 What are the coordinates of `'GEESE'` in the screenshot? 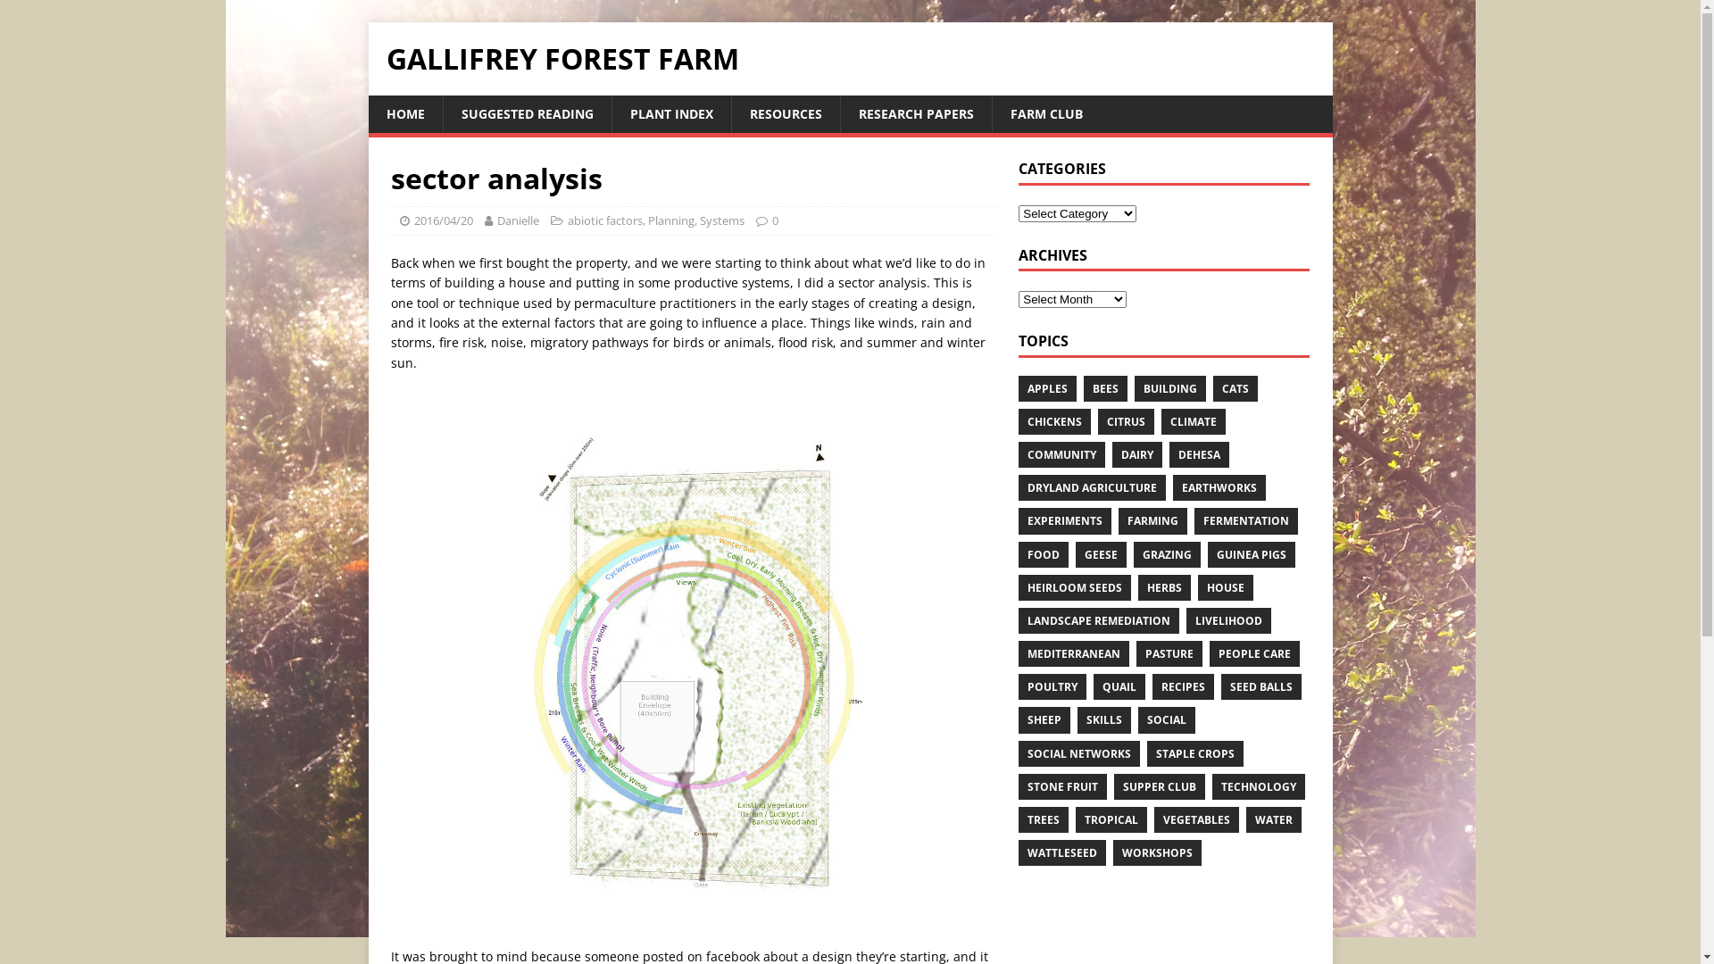 It's located at (1100, 553).